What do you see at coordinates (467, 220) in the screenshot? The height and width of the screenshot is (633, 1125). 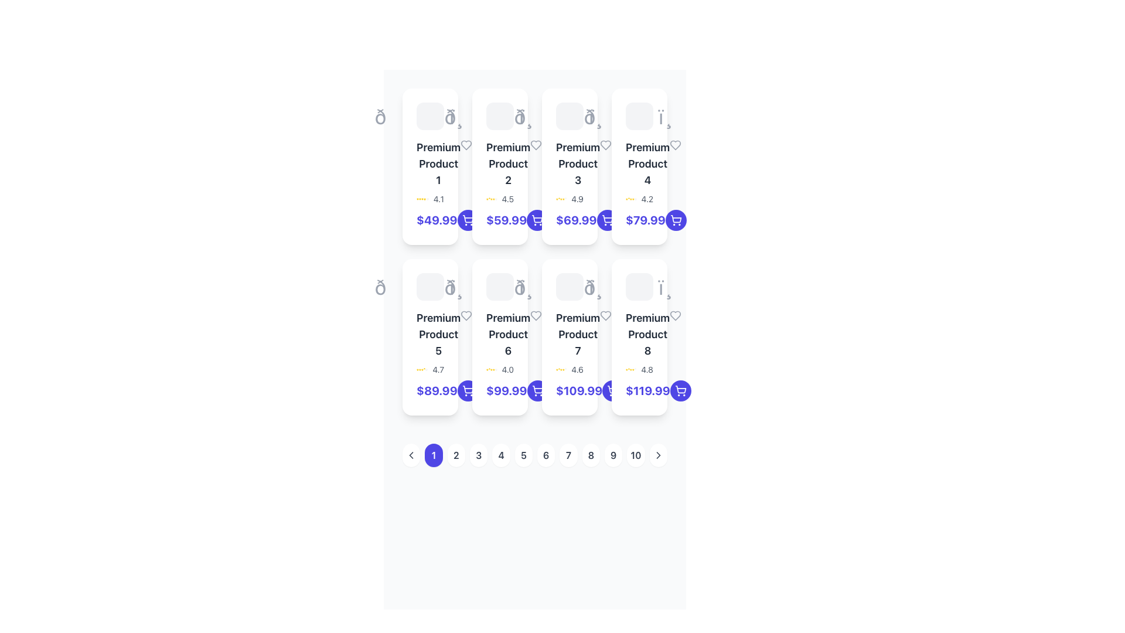 I see `the cart icon button located in the lower-right corner of the product card for 'Premium Product 2', which features a minimalistic shopping cart symbol with a metallic outline` at bounding box center [467, 220].